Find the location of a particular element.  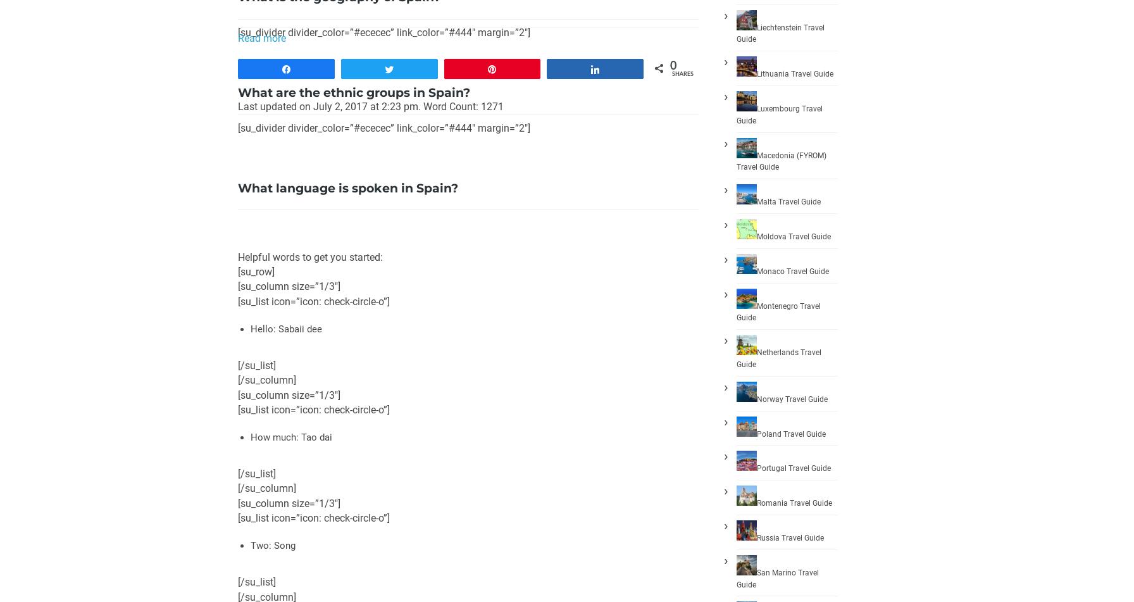

'Netherlands Travel Guide' is located at coordinates (778, 357).